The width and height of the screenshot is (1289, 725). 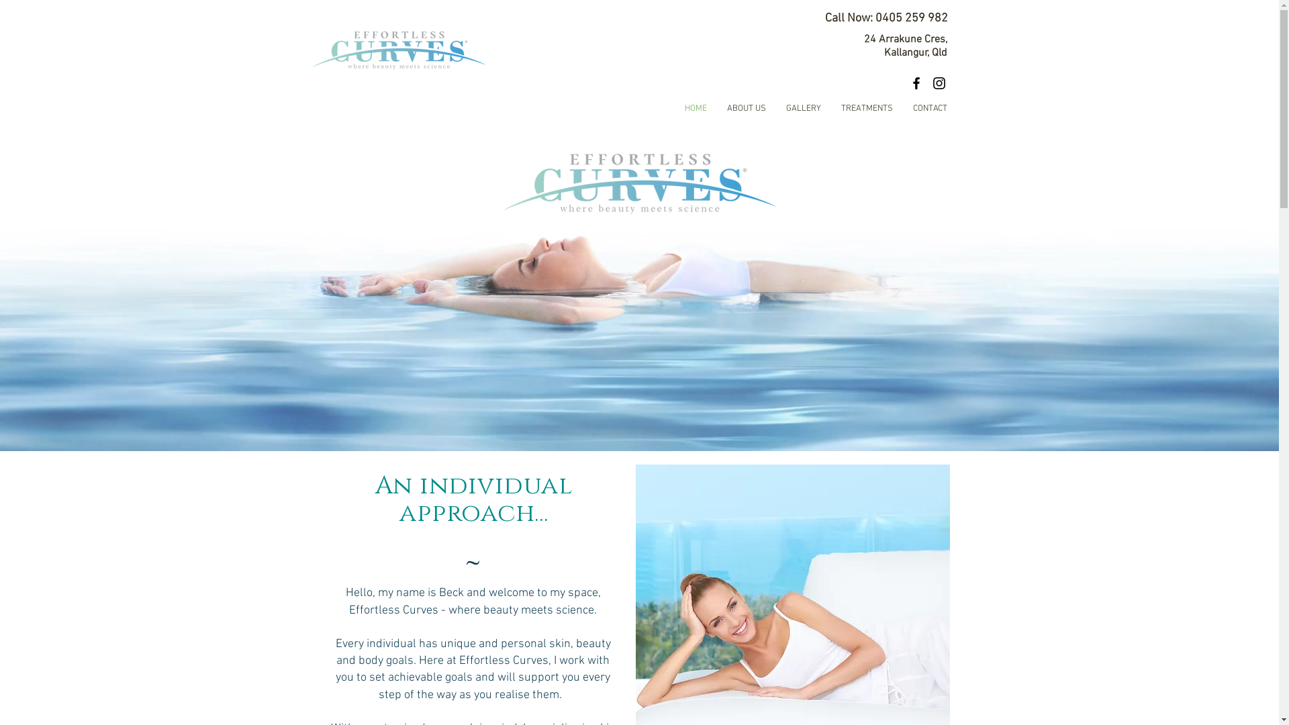 I want to click on 'TREATMENTS', so click(x=867, y=108).